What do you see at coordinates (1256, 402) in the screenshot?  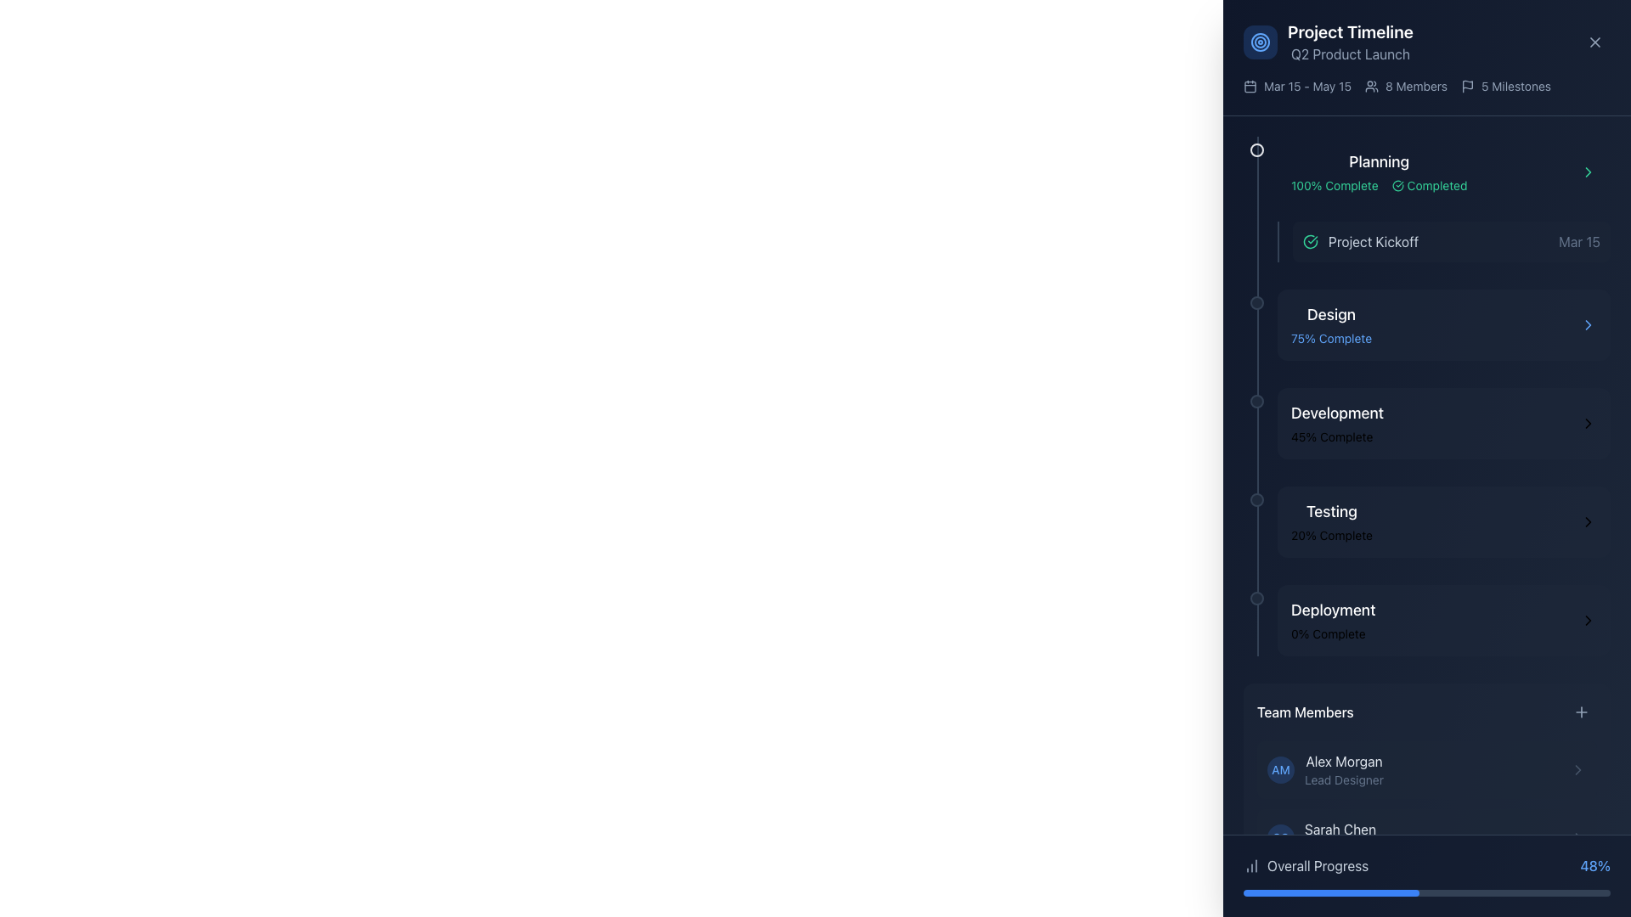 I see `the visual marker representing the 'Development' milestone, which indicates 'Development 45% Complete' in the project timeline` at bounding box center [1256, 402].